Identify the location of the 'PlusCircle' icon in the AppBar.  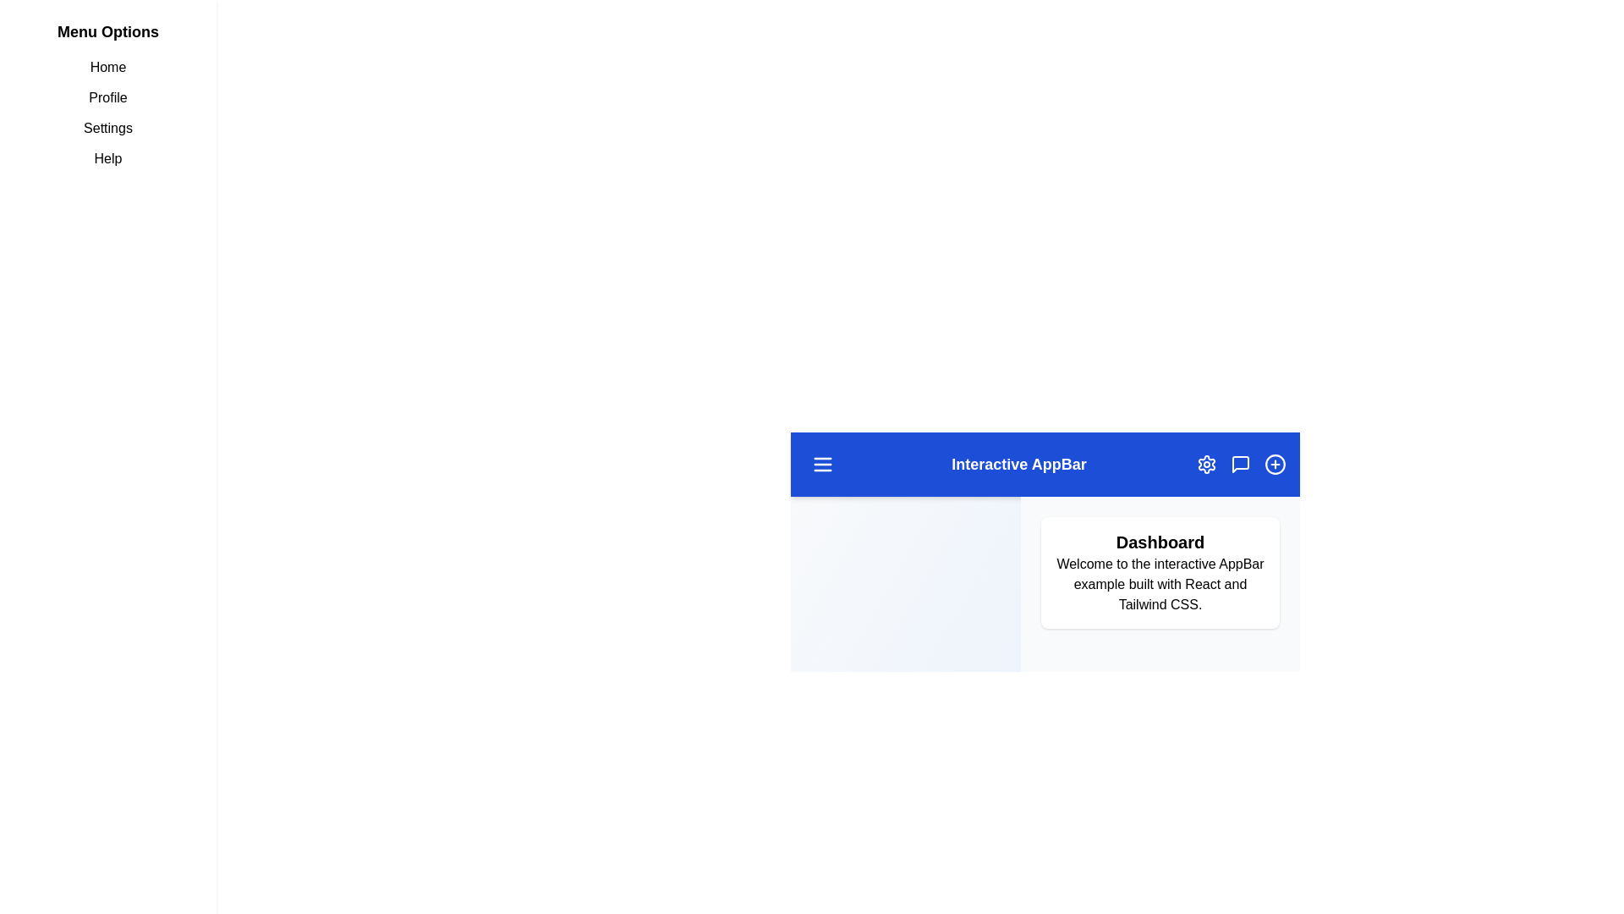
(1275, 464).